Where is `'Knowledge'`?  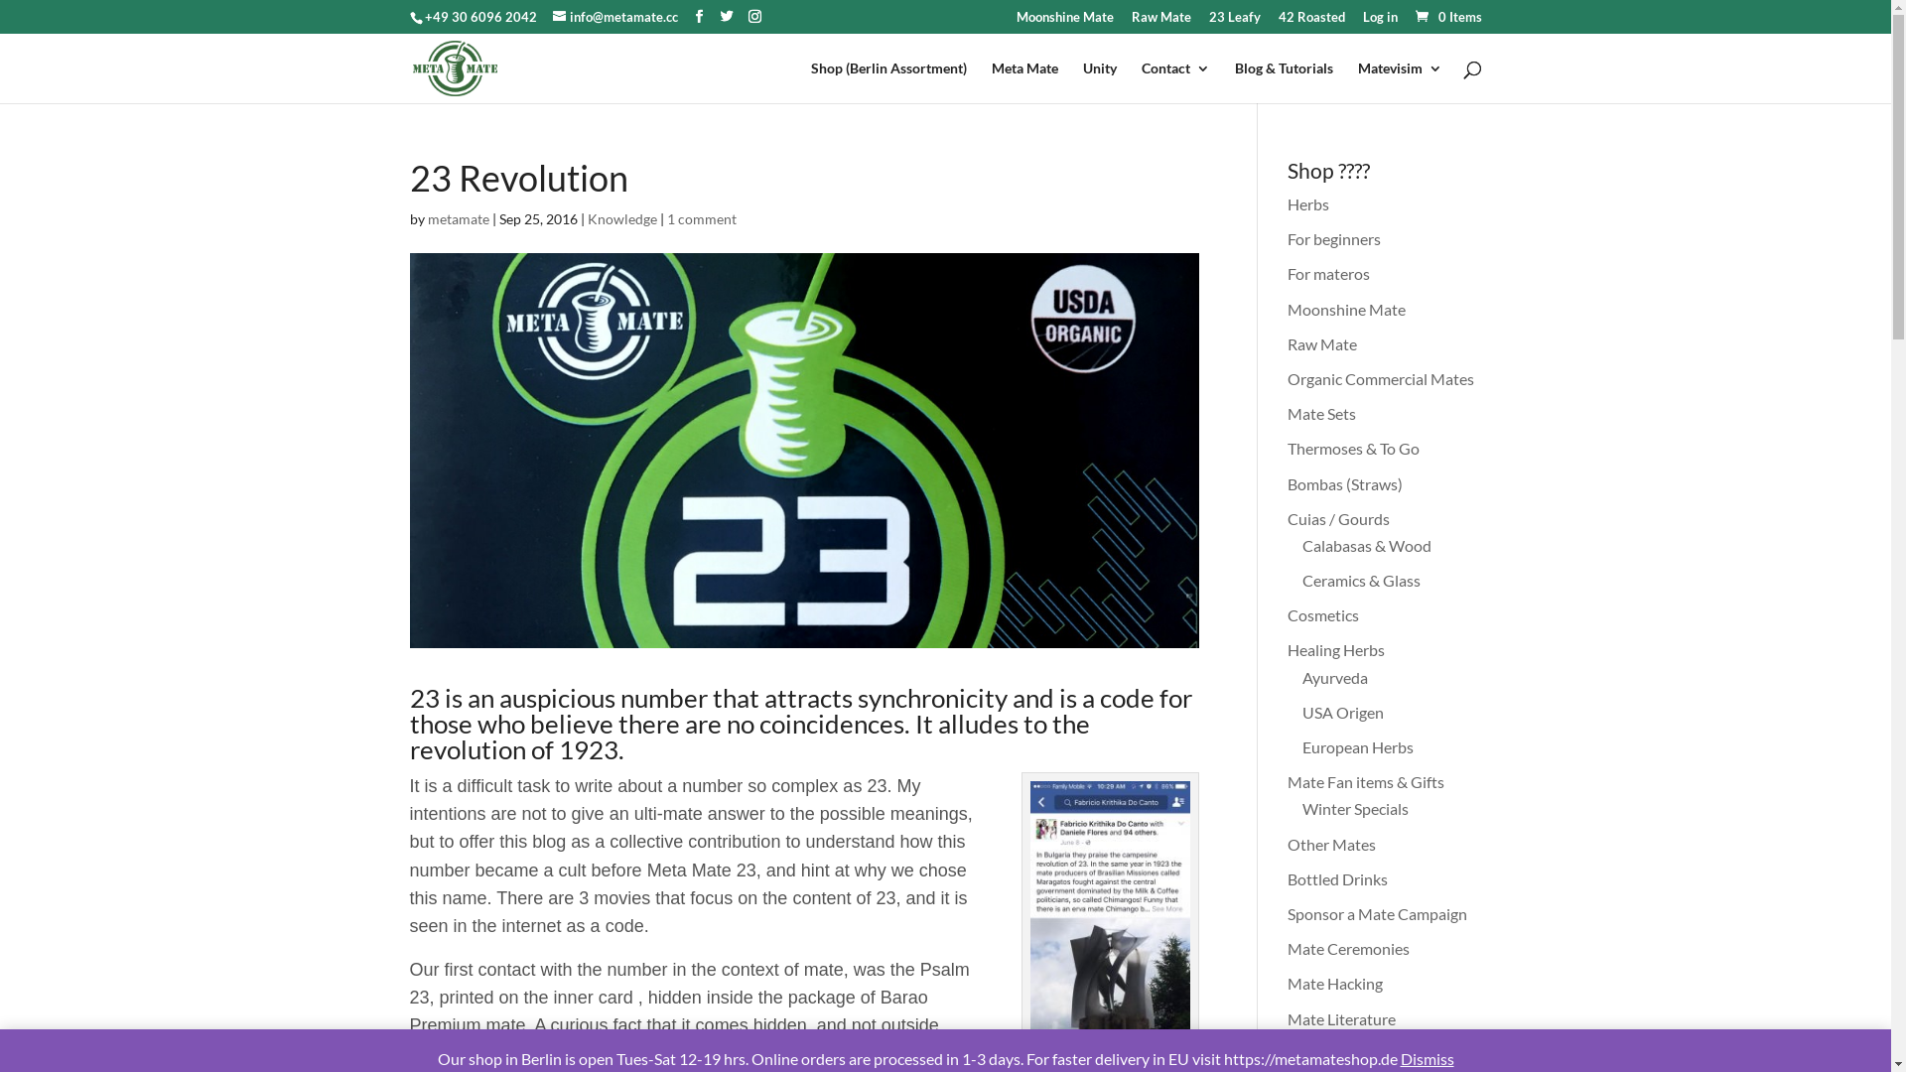
'Knowledge' is located at coordinates (621, 218).